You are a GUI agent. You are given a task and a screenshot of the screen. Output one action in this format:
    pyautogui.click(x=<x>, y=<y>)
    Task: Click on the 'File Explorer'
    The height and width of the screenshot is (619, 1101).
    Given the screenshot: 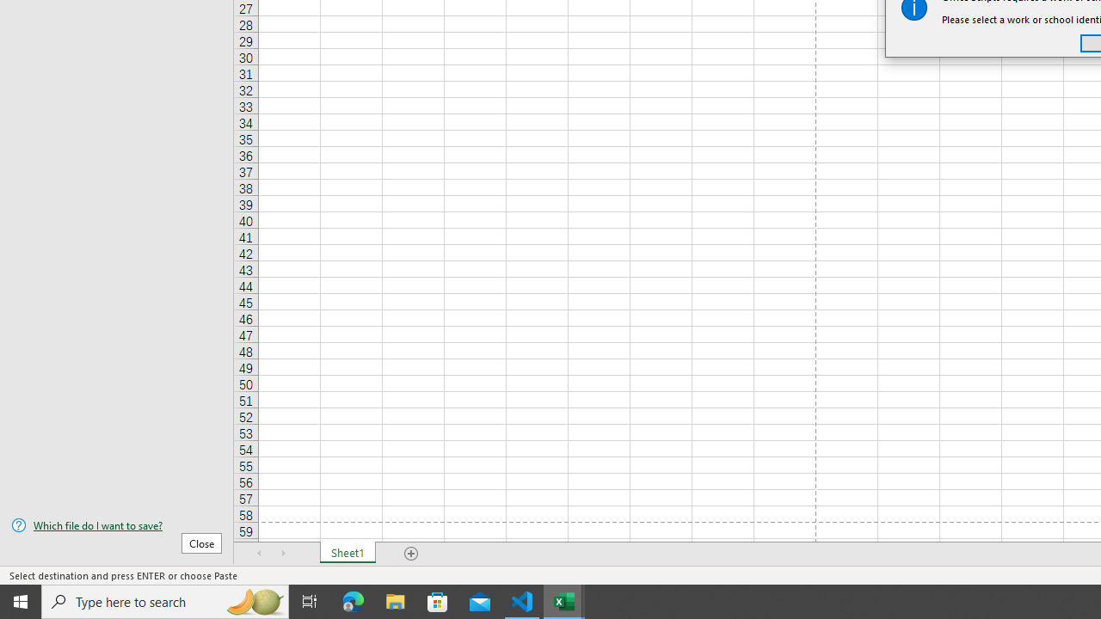 What is the action you would take?
    pyautogui.click(x=395, y=600)
    